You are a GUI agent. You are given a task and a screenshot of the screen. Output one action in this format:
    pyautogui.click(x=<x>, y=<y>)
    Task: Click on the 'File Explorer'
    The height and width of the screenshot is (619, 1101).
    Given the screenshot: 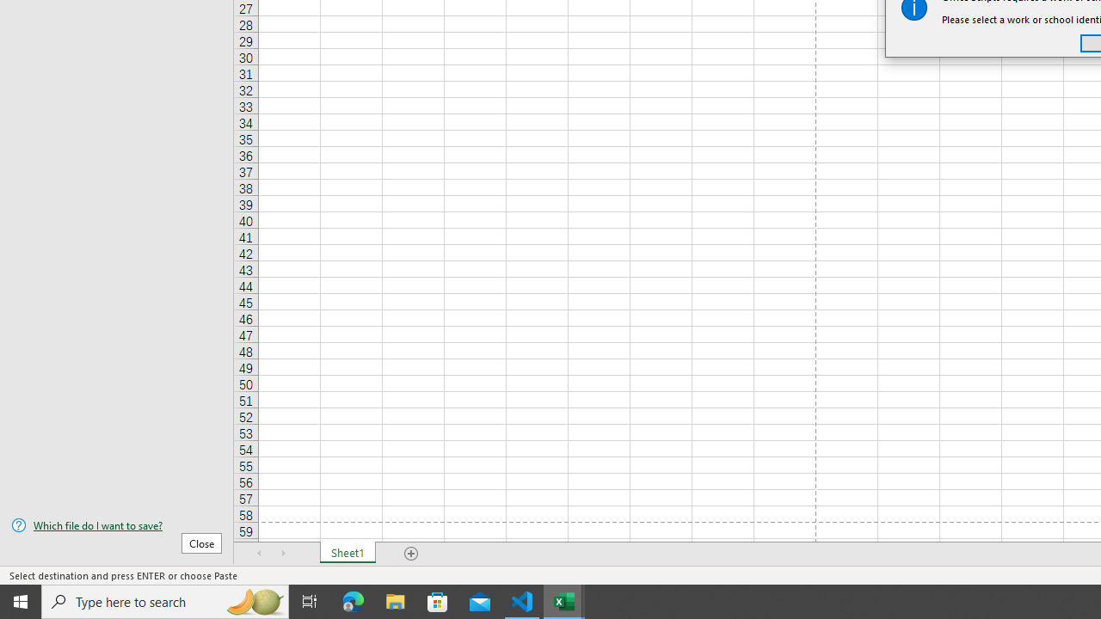 What is the action you would take?
    pyautogui.click(x=395, y=600)
    